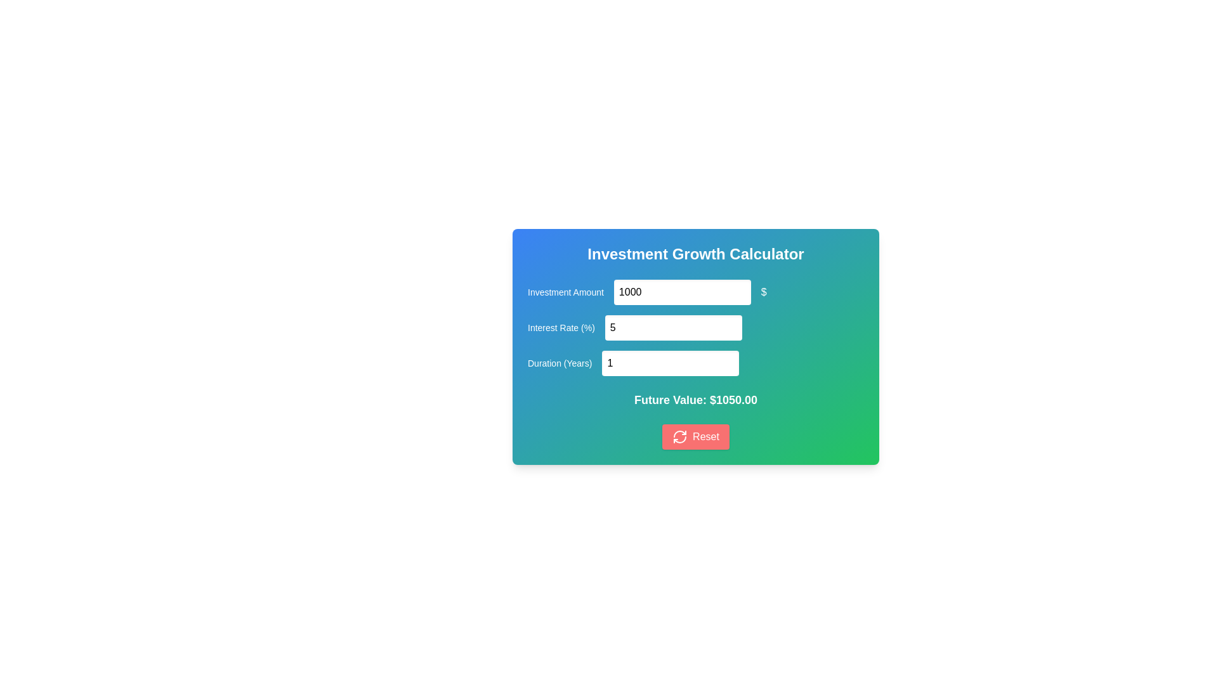  What do you see at coordinates (559, 363) in the screenshot?
I see `the label displaying 'Duration (Years)' in the 'Investment Growth Calculator' form, which is aligned with the numeric input field labeled '1'` at bounding box center [559, 363].